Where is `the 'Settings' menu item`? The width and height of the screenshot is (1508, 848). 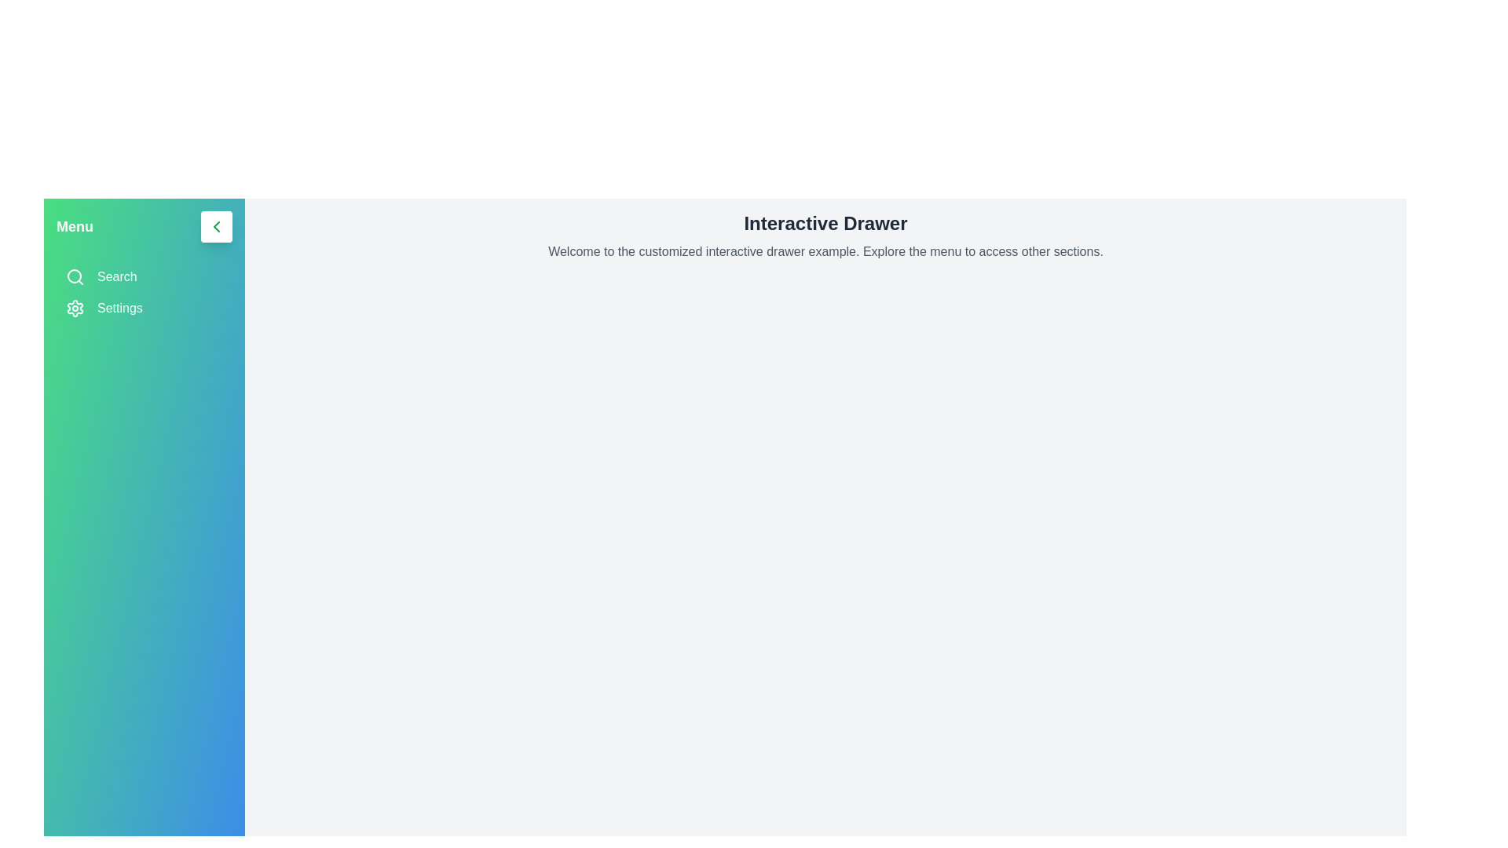
the 'Settings' menu item is located at coordinates (144, 309).